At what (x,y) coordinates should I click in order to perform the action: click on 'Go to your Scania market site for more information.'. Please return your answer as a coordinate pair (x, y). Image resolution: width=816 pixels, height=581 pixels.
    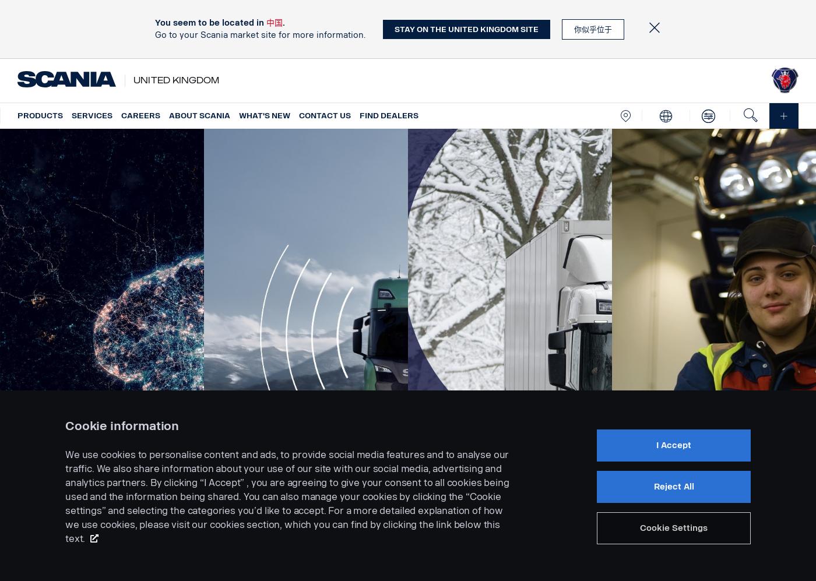
    Looking at the image, I should click on (154, 34).